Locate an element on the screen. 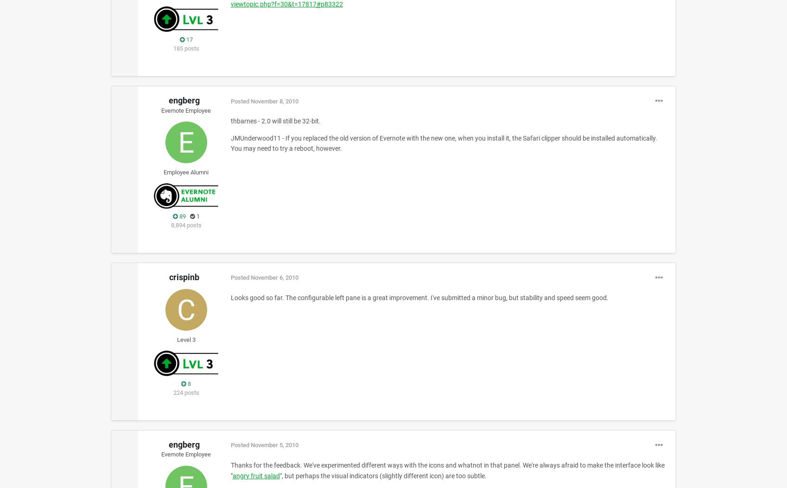 This screenshot has height=488, width=787. 'thbarnes - 2.0 will still be 32-bit.' is located at coordinates (275, 121).